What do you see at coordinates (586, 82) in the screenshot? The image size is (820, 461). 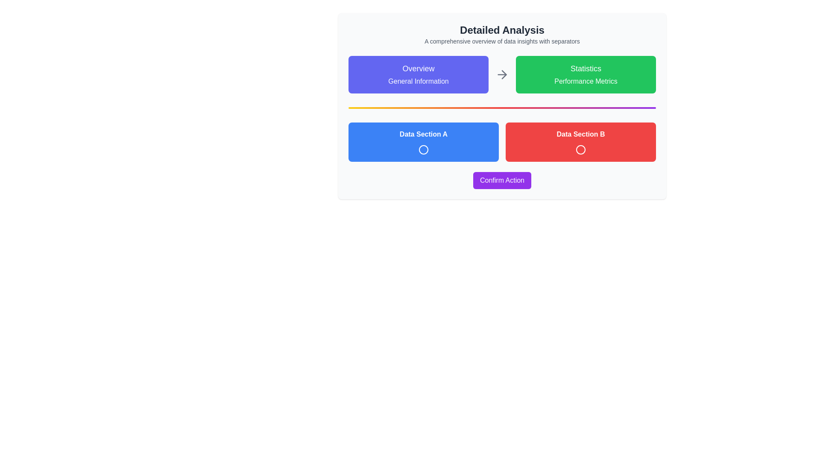 I see `the text label that provides additional information for the 'Statistics' section, positioned below the 'Statistics' label in the green rectangular section` at bounding box center [586, 82].